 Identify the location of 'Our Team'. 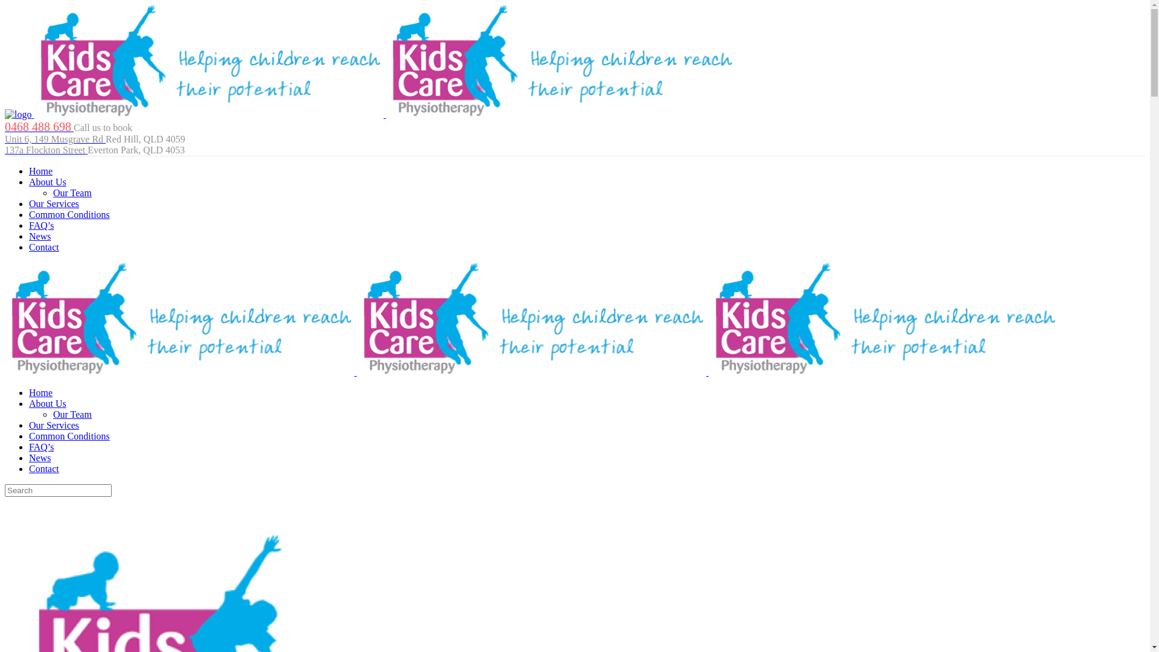
(52, 192).